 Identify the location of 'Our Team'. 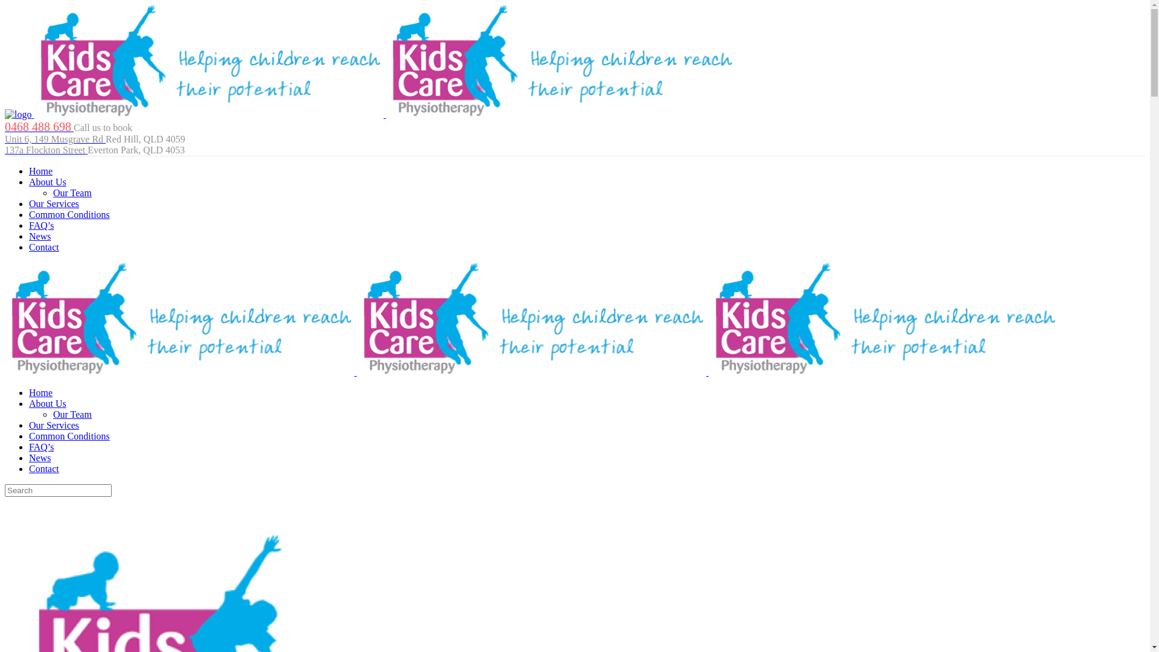
(52, 192).